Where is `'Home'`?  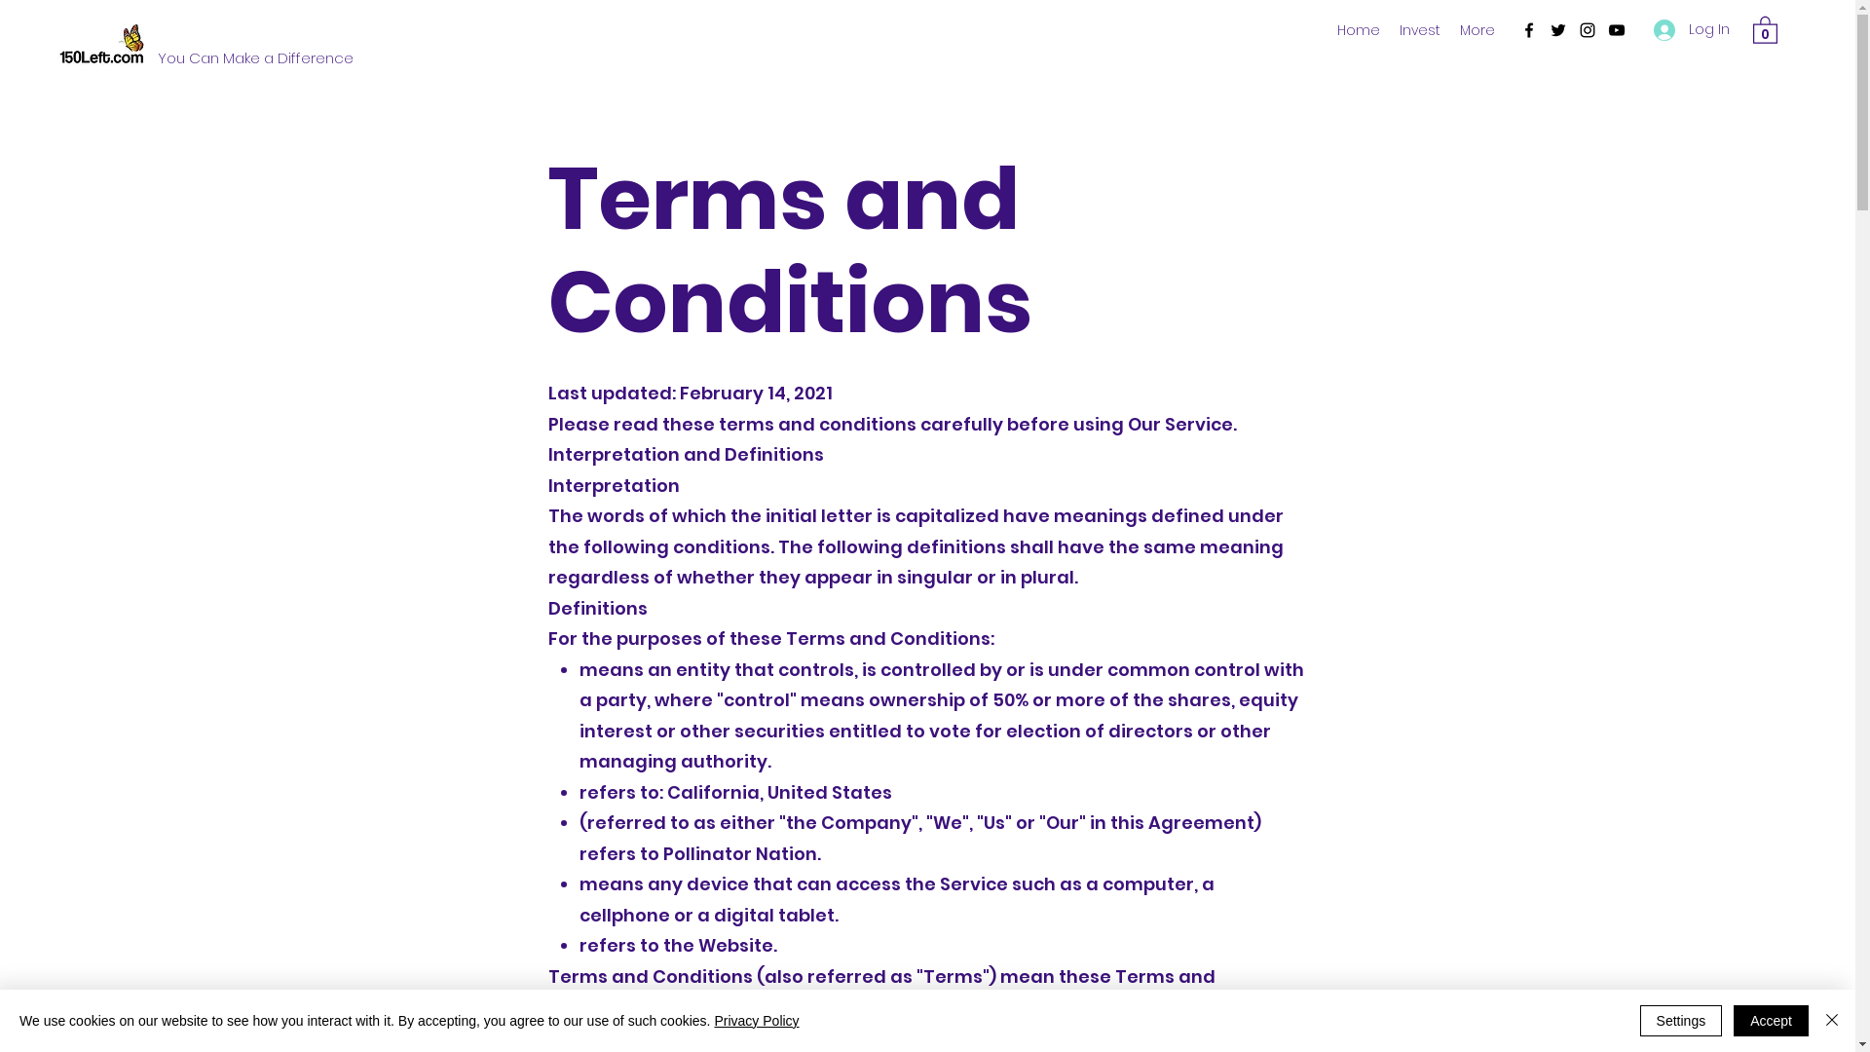 'Home' is located at coordinates (1358, 29).